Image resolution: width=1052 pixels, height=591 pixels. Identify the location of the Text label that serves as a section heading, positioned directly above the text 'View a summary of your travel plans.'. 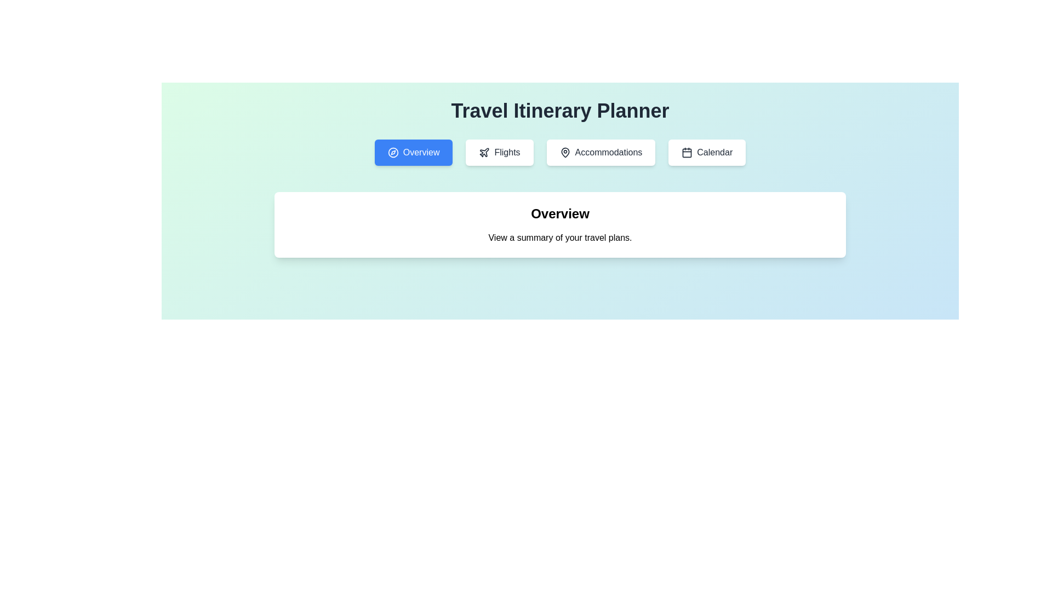
(560, 213).